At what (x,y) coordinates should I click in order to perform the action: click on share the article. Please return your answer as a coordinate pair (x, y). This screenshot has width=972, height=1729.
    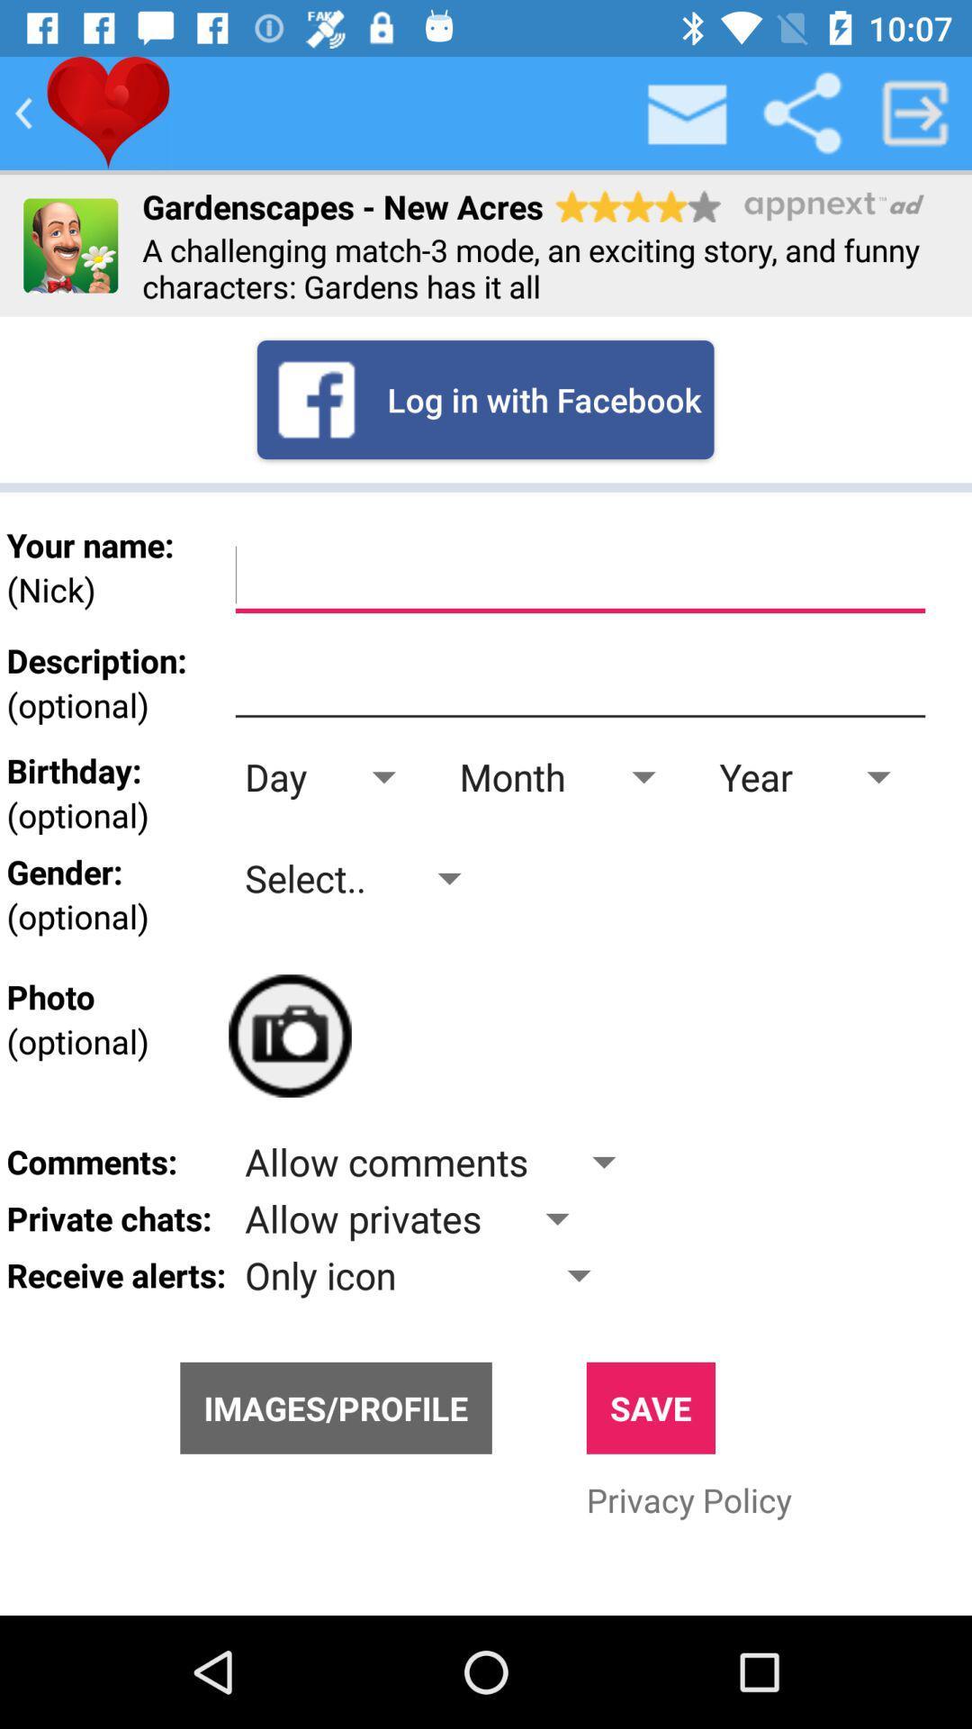
    Looking at the image, I should click on (801, 112).